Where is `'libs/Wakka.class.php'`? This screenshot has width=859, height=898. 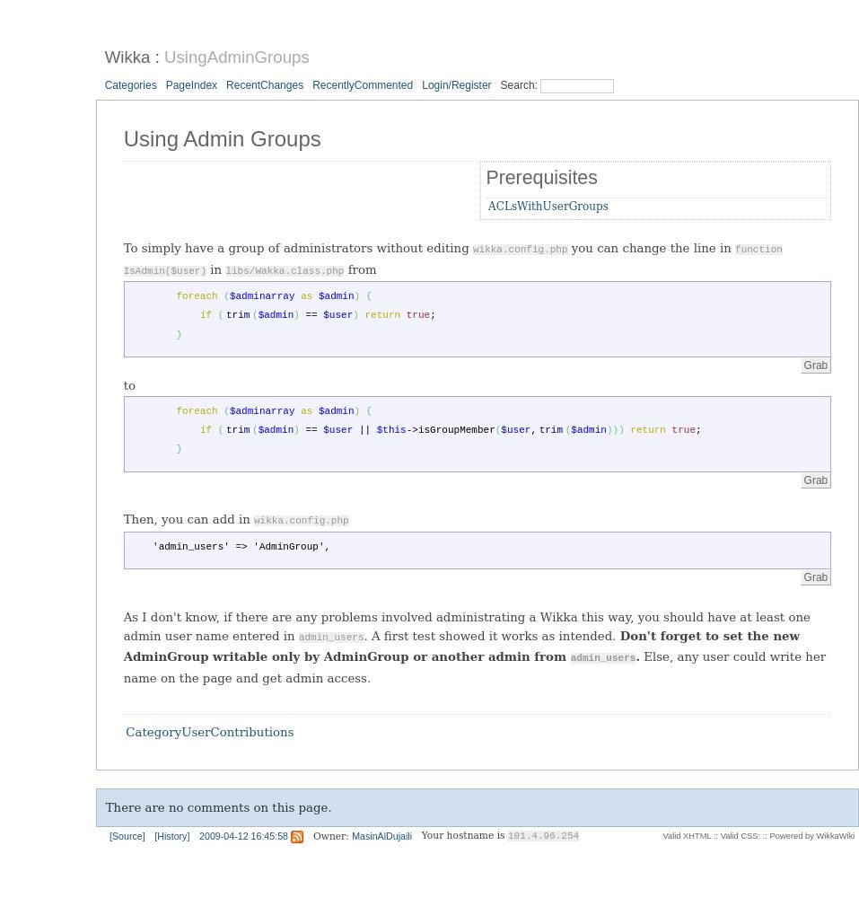
'libs/Wakka.class.php' is located at coordinates (224, 270).